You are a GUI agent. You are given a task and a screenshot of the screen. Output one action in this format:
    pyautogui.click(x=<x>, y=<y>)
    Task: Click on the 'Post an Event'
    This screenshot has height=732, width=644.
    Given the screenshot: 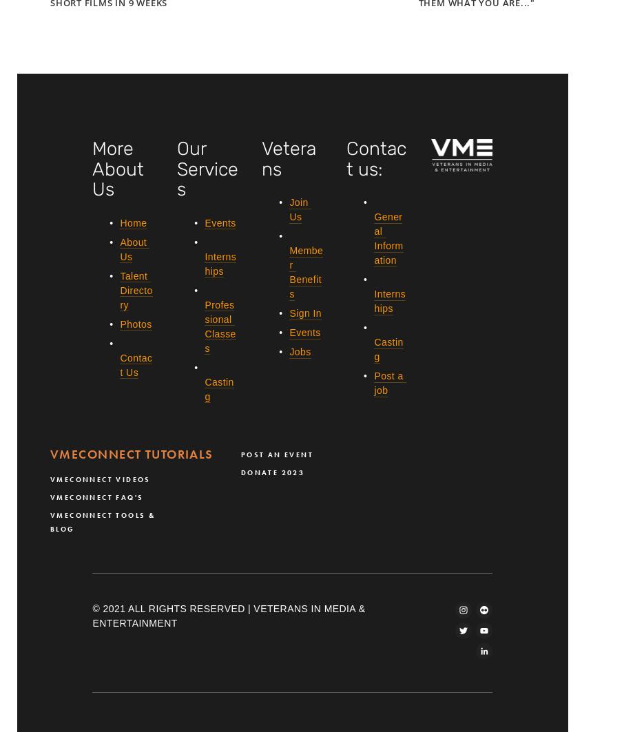 What is the action you would take?
    pyautogui.click(x=276, y=453)
    